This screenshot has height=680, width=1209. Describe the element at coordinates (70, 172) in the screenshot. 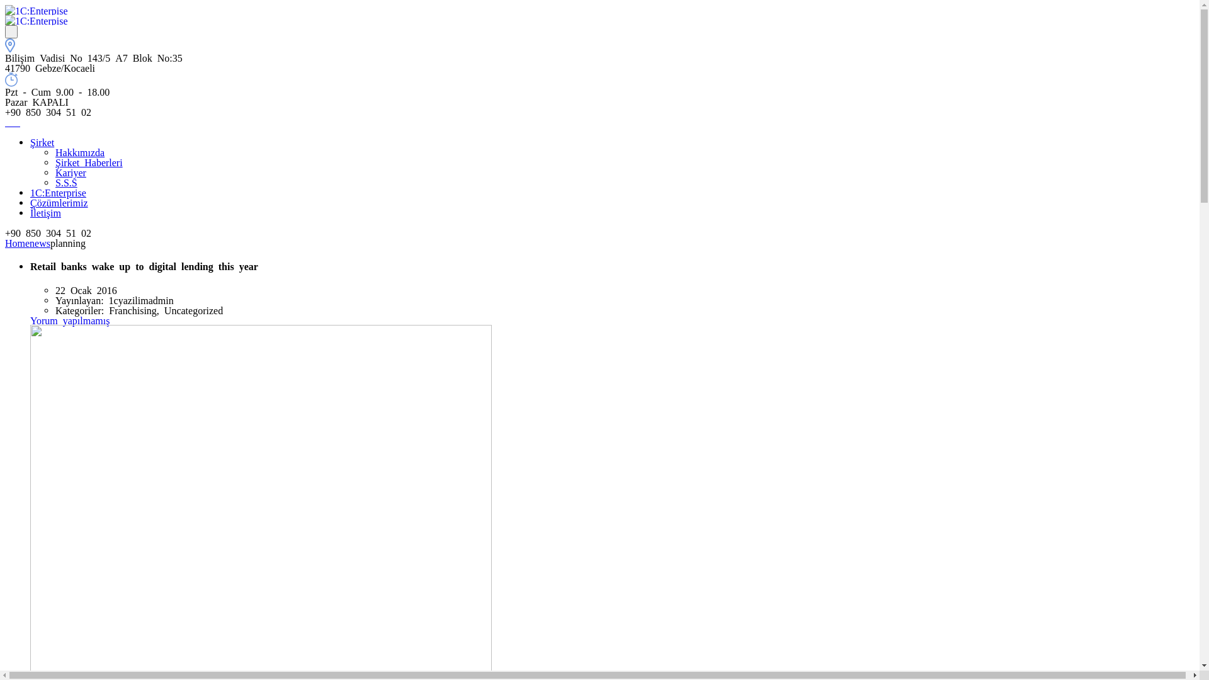

I see `'Kariyer'` at that location.